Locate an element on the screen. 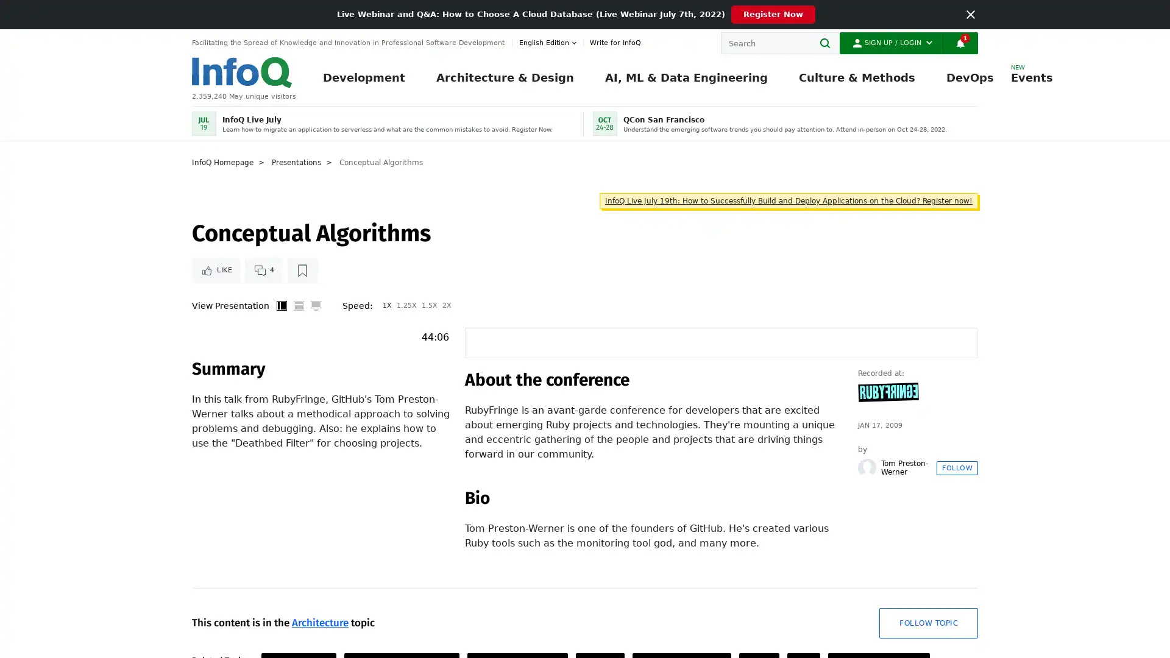 Image resolution: width=1170 pixels, height=658 pixels. Close is located at coordinates (970, 14).